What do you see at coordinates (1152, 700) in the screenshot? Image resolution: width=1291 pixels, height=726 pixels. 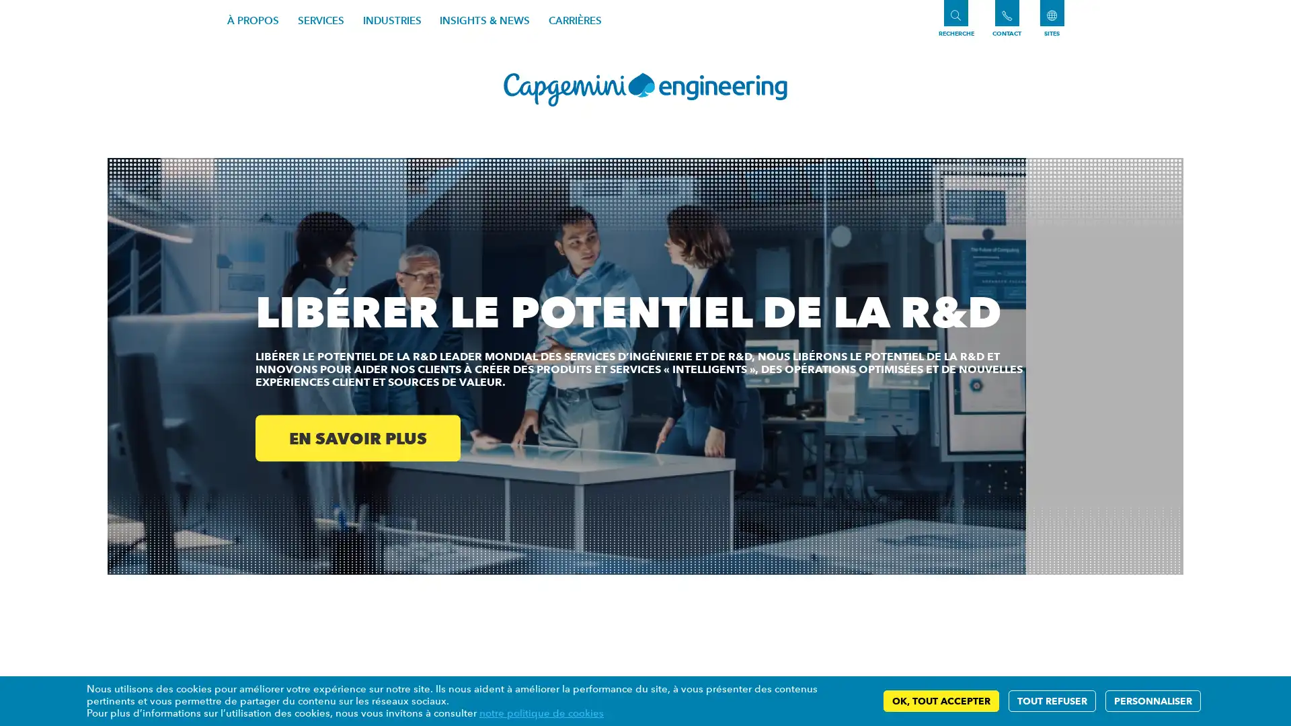 I see `PERSONNALISER` at bounding box center [1152, 700].